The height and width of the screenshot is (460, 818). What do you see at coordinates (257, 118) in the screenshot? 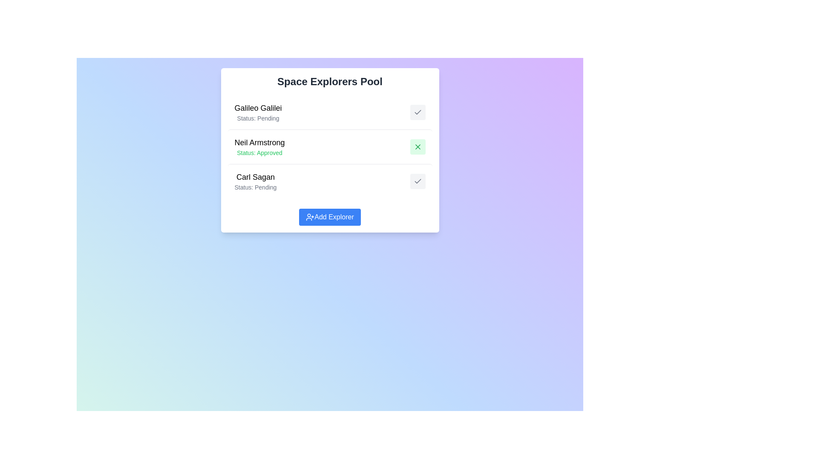
I see `the gray text block displaying 'Status: Pending' located beneath 'Galileo Galilei' in the item listing under 'Space Explorers Pool'` at bounding box center [257, 118].